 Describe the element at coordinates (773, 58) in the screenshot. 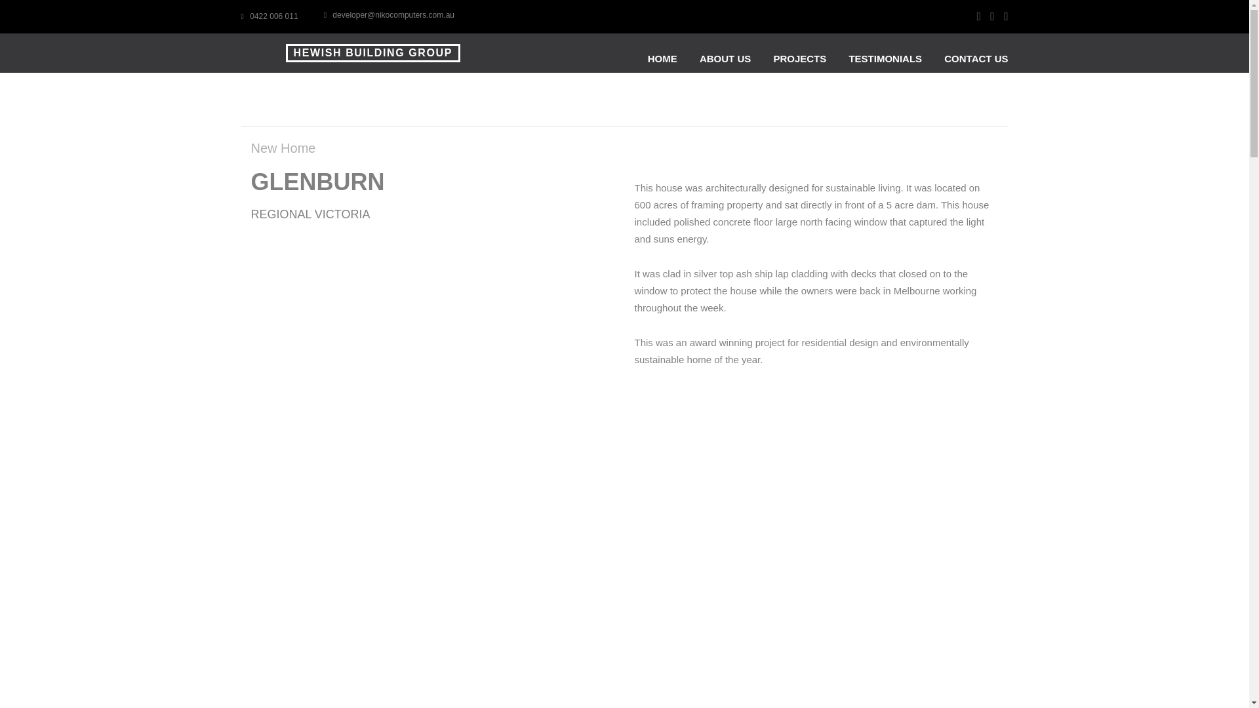

I see `'PROJECTS'` at that location.